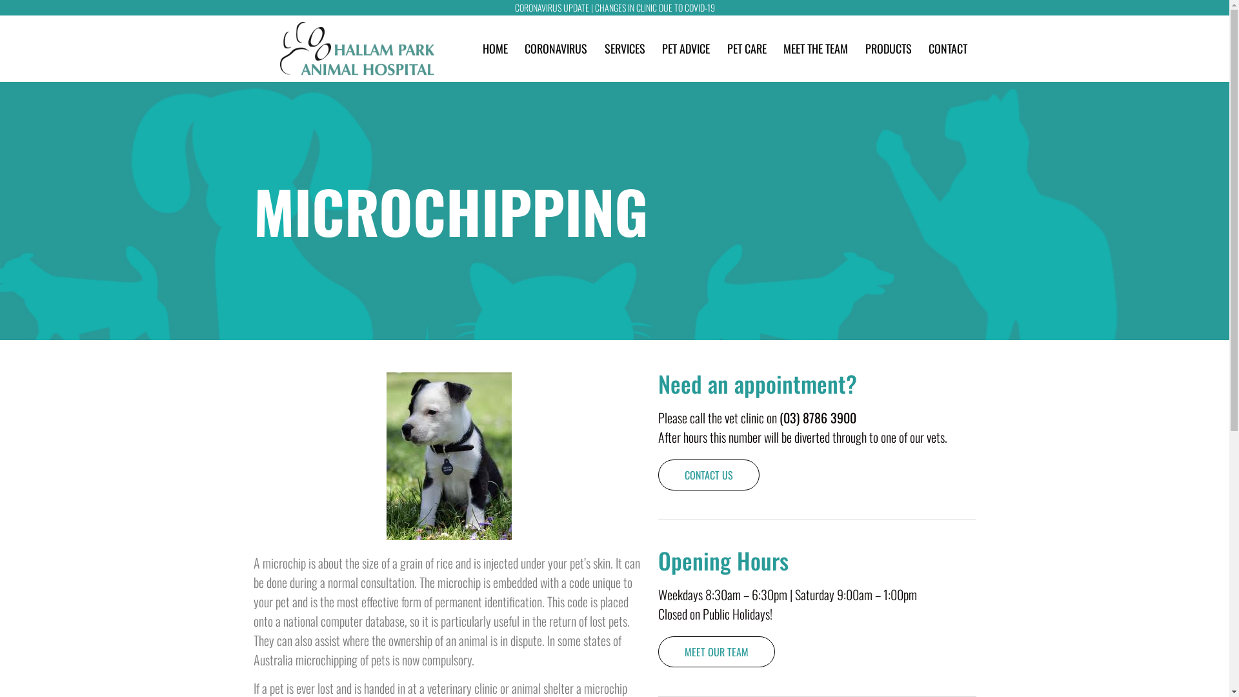 This screenshot has height=697, width=1239. Describe the element at coordinates (658, 652) in the screenshot. I see `'MEET OUR TEAM'` at that location.